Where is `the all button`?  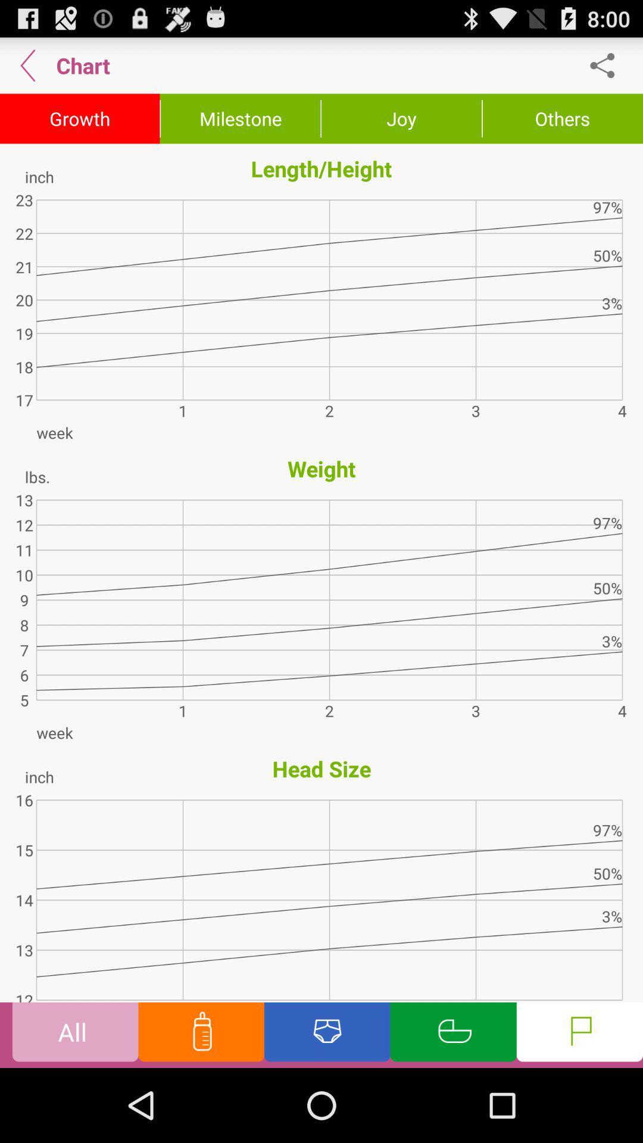
the all button is located at coordinates (75, 1034).